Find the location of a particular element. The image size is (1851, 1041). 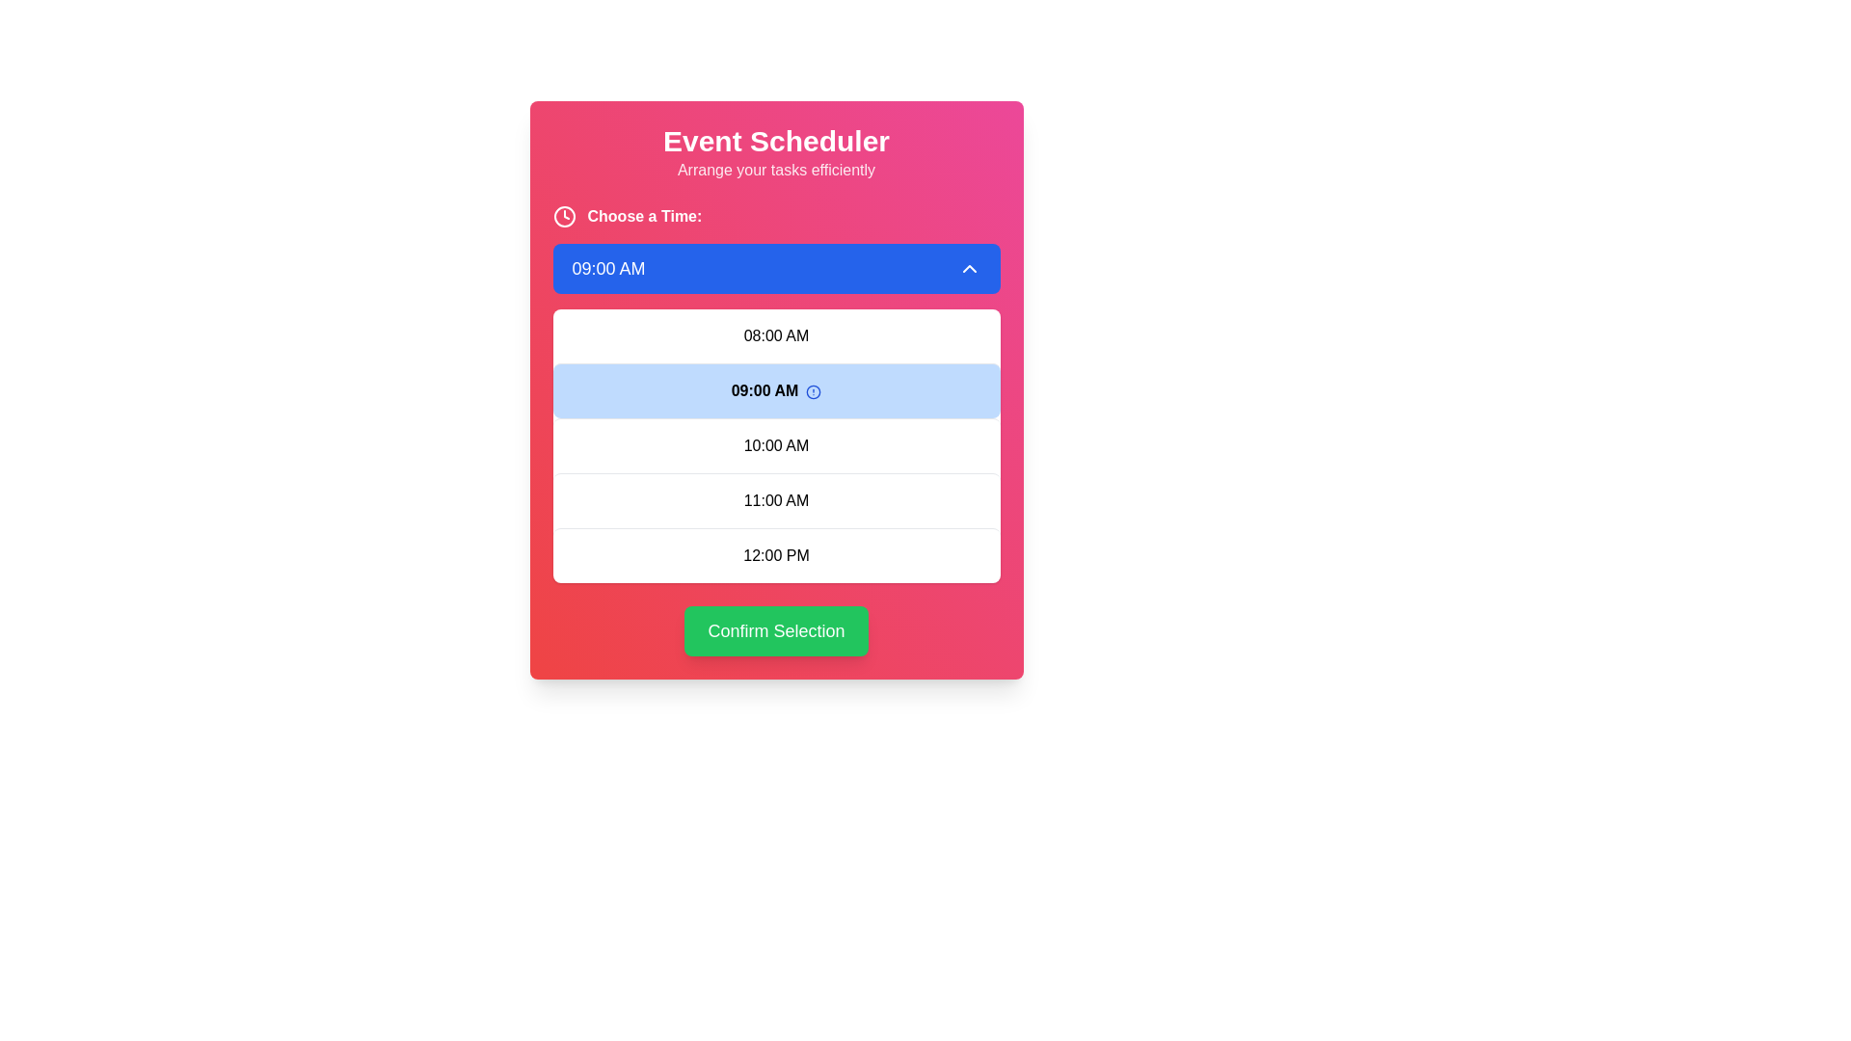

the icon located to the right of the '09:00 AM' time slot option for more details is located at coordinates (814, 390).